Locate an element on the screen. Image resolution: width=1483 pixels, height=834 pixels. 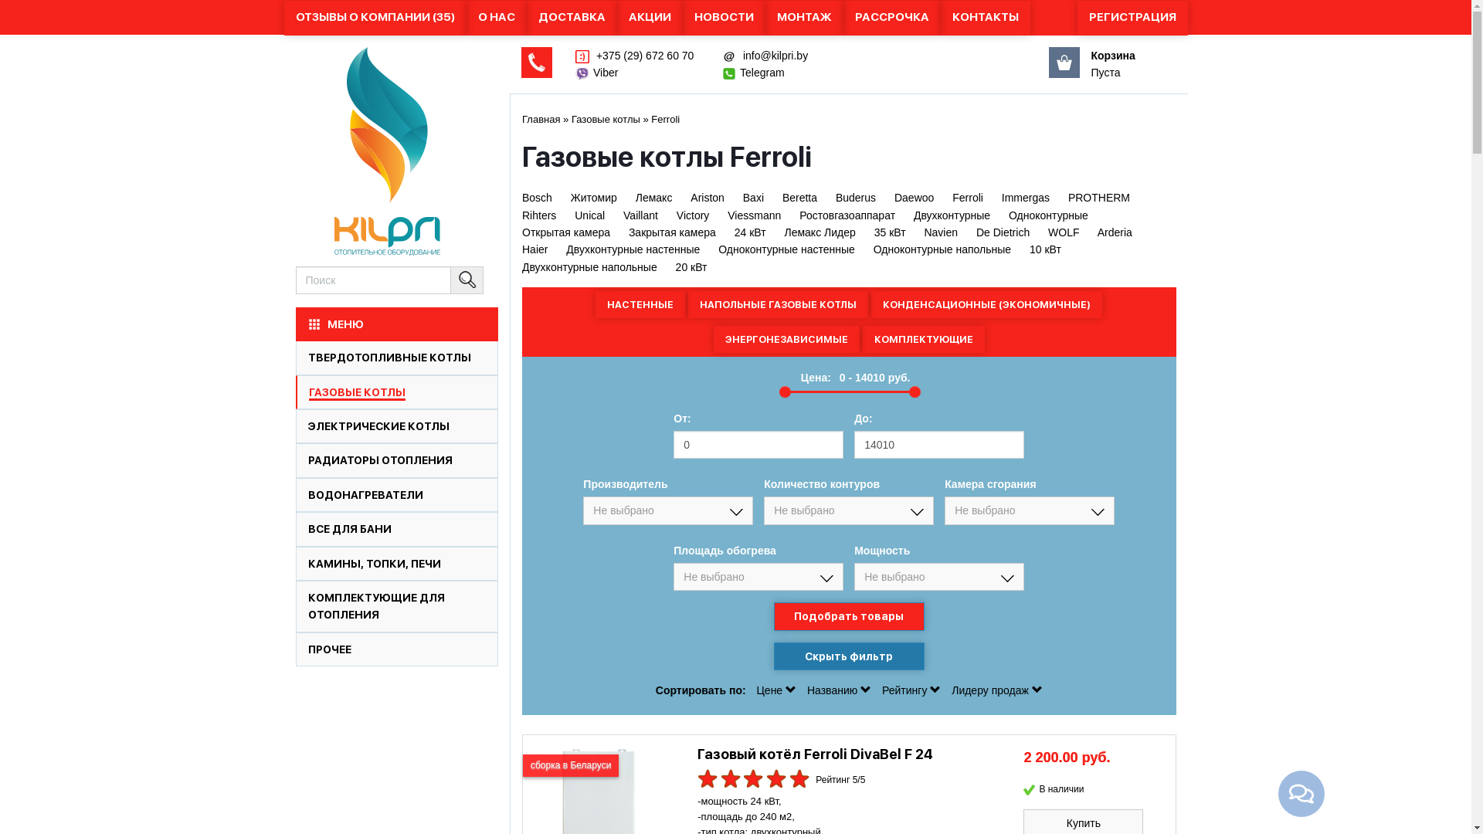
'Beretta' is located at coordinates (782, 196).